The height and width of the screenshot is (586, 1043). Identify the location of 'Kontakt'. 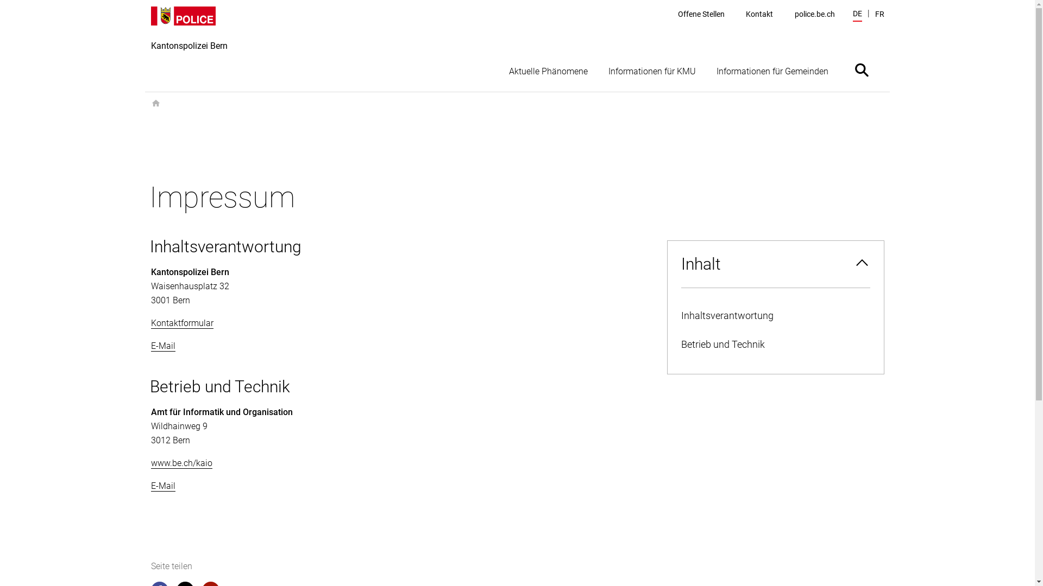
(745, 14).